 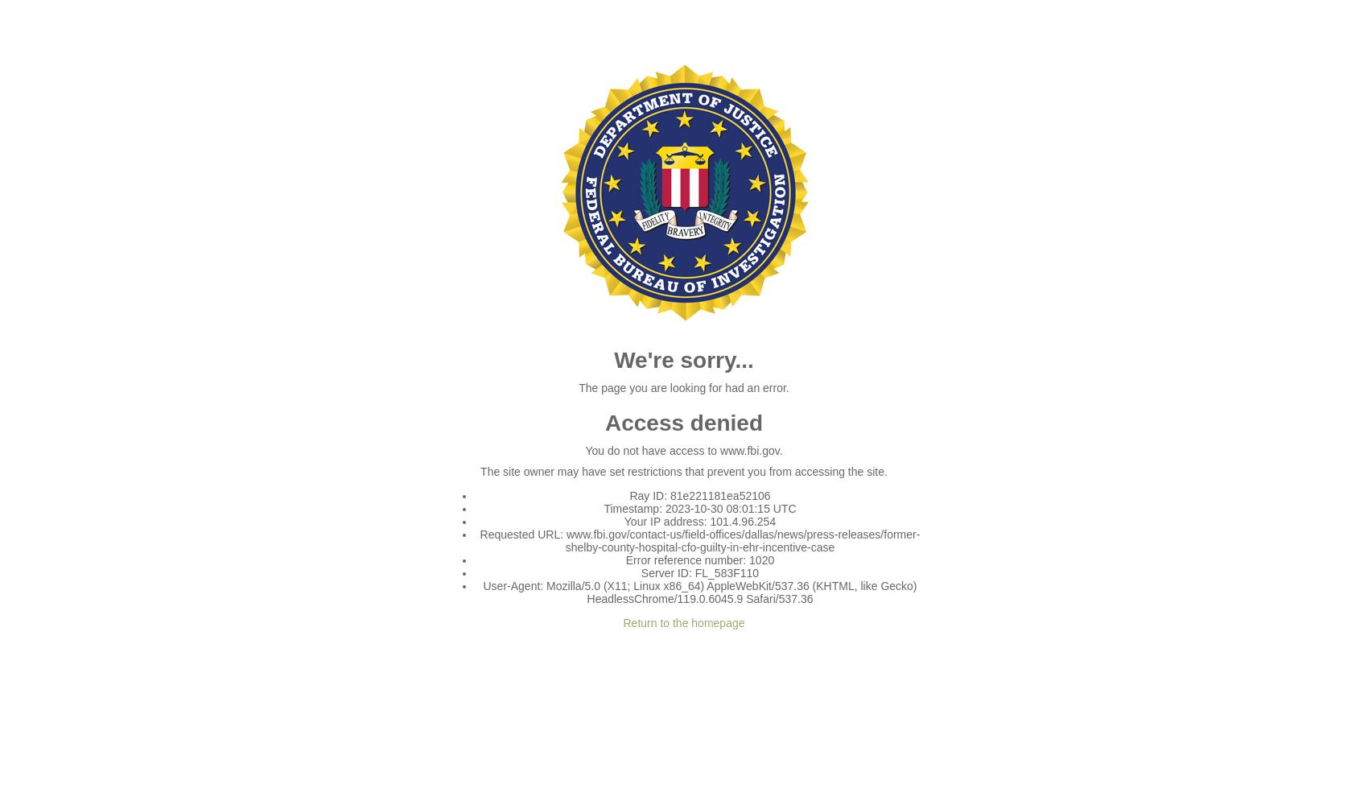 I want to click on 'Access denied', so click(x=682, y=423).